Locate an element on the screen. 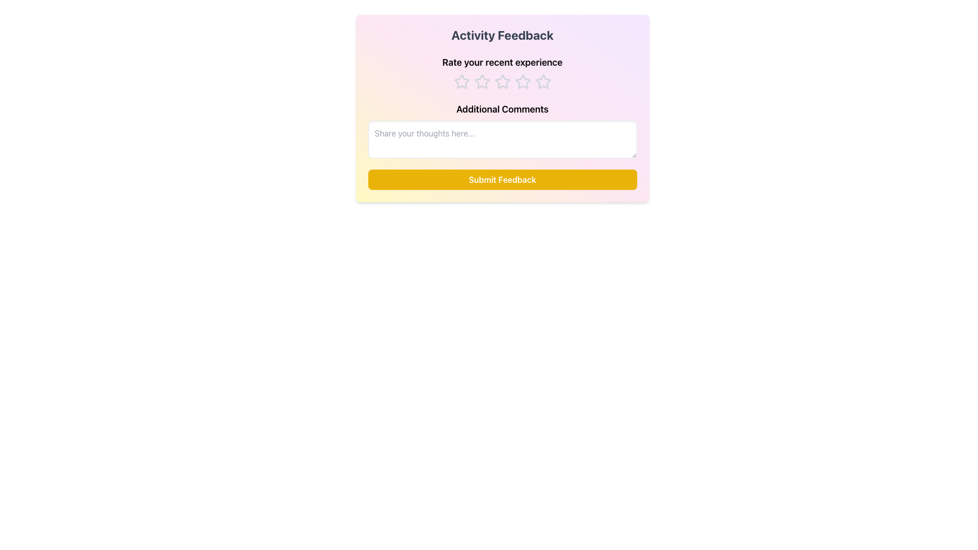 This screenshot has height=550, width=978. the fourth star in the five-star rating system to indicate a four-out-of-five rating for feedback is located at coordinates (542, 81).